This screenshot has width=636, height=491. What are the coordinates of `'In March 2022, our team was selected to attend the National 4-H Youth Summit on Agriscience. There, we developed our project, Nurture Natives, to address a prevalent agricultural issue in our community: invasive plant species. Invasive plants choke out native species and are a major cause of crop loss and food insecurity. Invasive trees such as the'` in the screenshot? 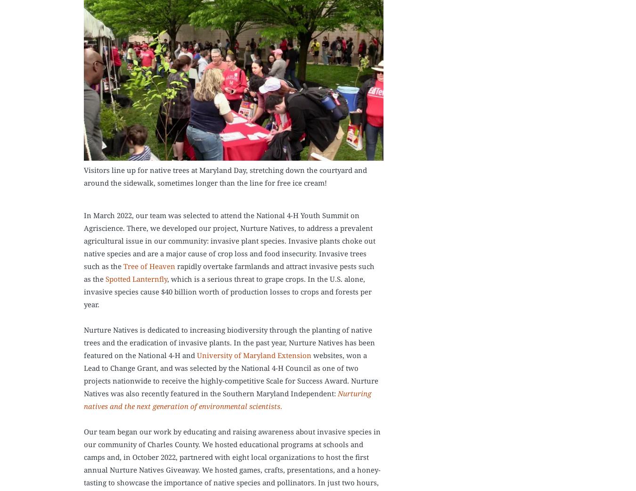 It's located at (229, 240).